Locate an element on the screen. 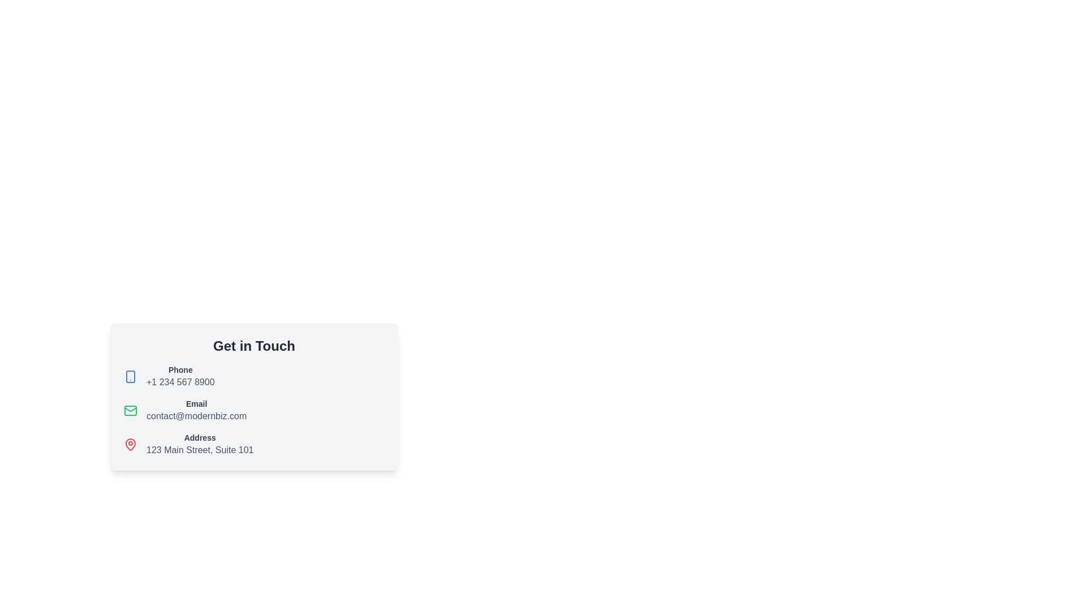  the green envelope icon located in the Email section of the contact card below the 'Get in Touch' heading, which is the second icon in the vertical arrangement of contact symbols is located at coordinates (130, 408).